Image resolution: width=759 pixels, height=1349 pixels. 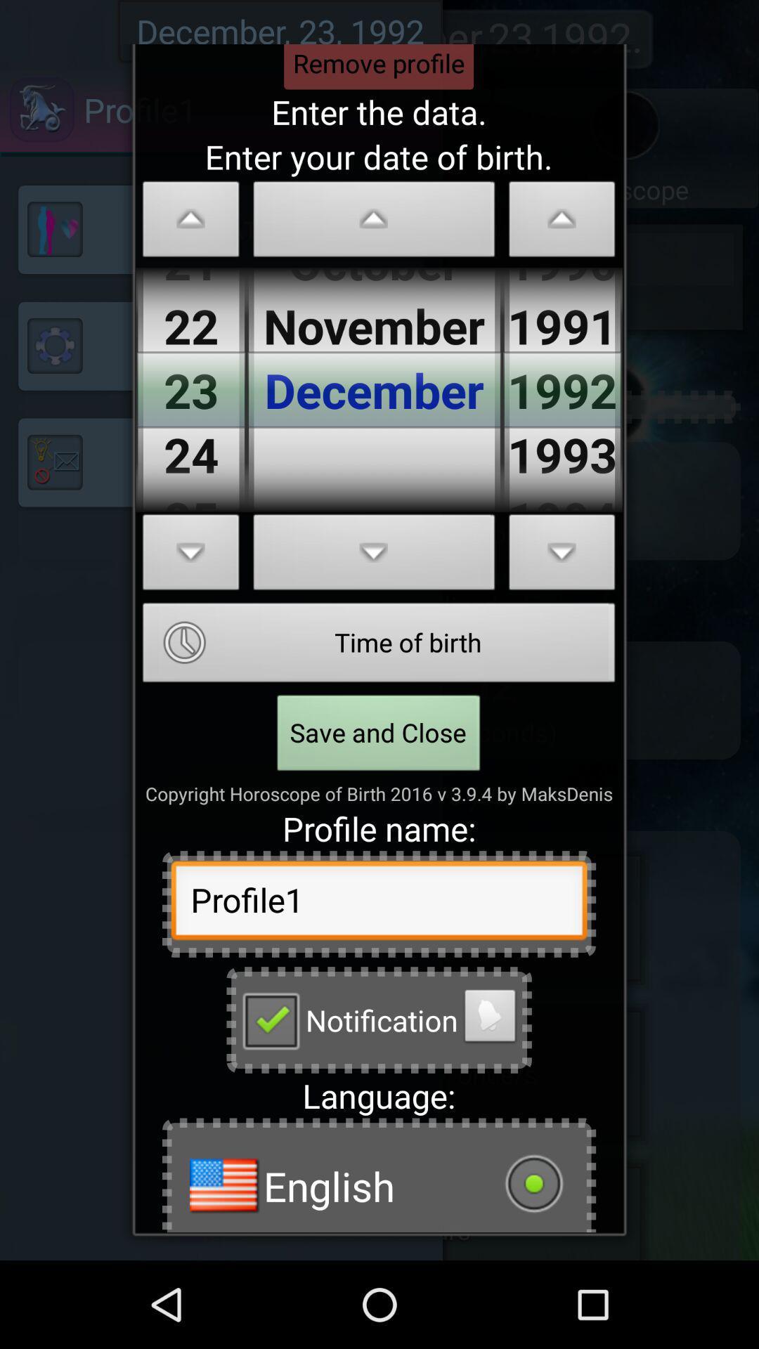 I want to click on birth year, so click(x=562, y=222).